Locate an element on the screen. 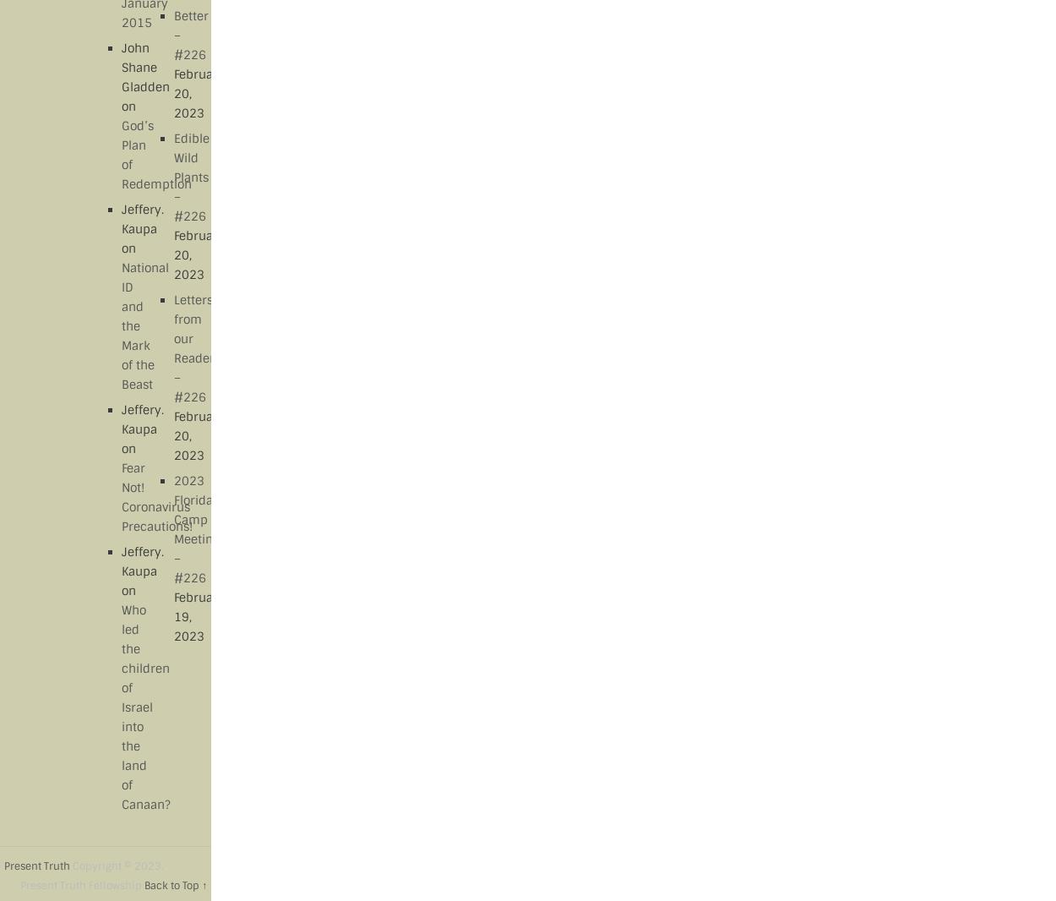 This screenshot has width=1056, height=901. 'Present Truth Fellowship' is located at coordinates (81, 885).